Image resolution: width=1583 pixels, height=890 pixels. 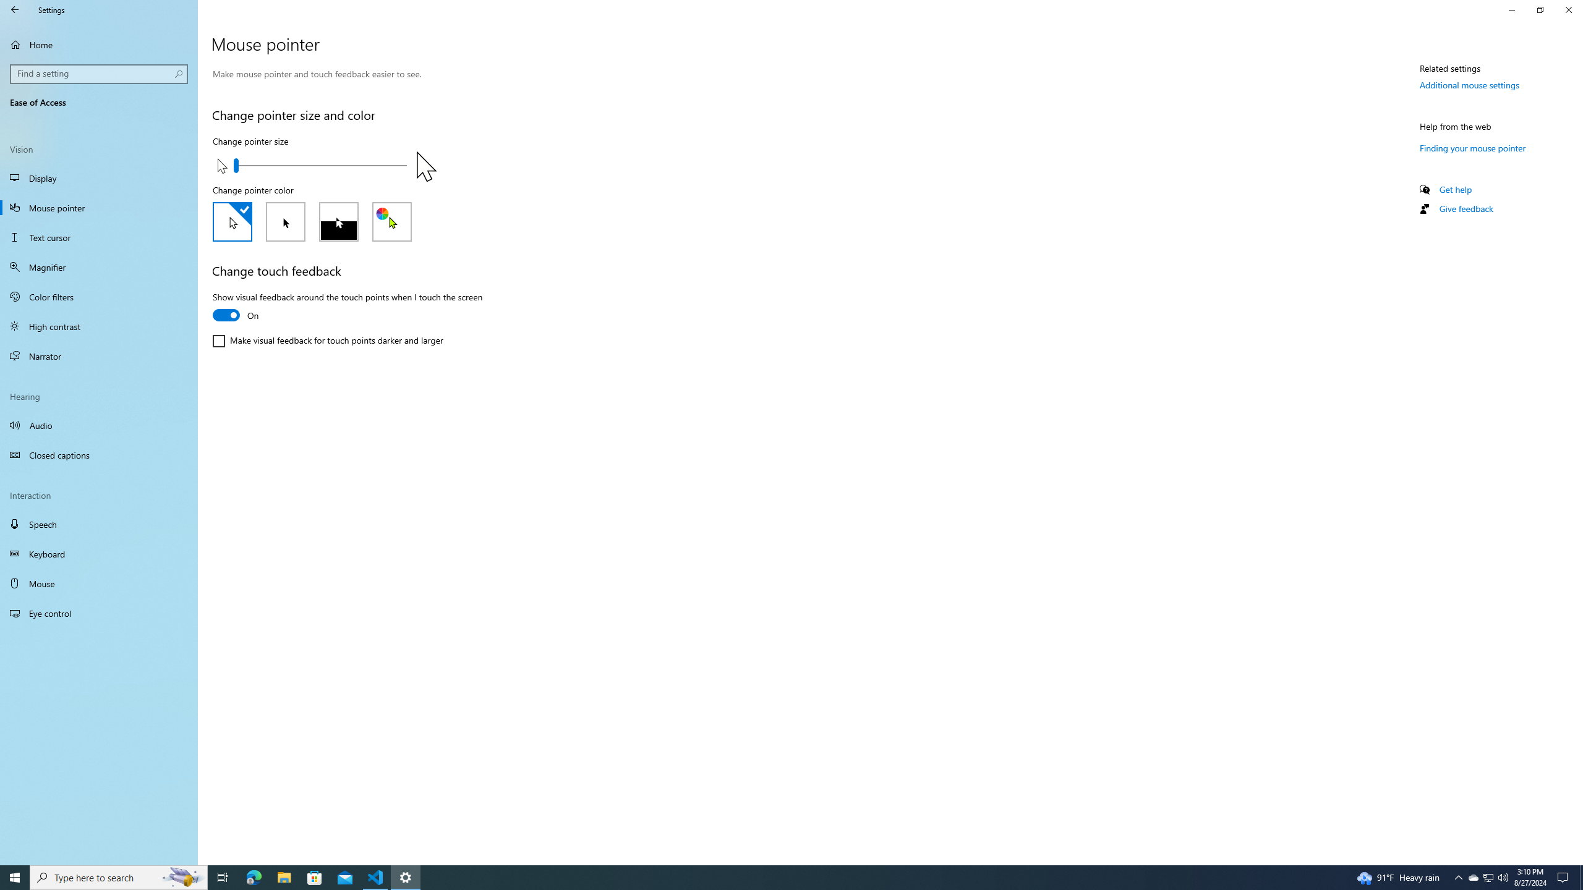 What do you see at coordinates (285, 222) in the screenshot?
I see `'Black'` at bounding box center [285, 222].